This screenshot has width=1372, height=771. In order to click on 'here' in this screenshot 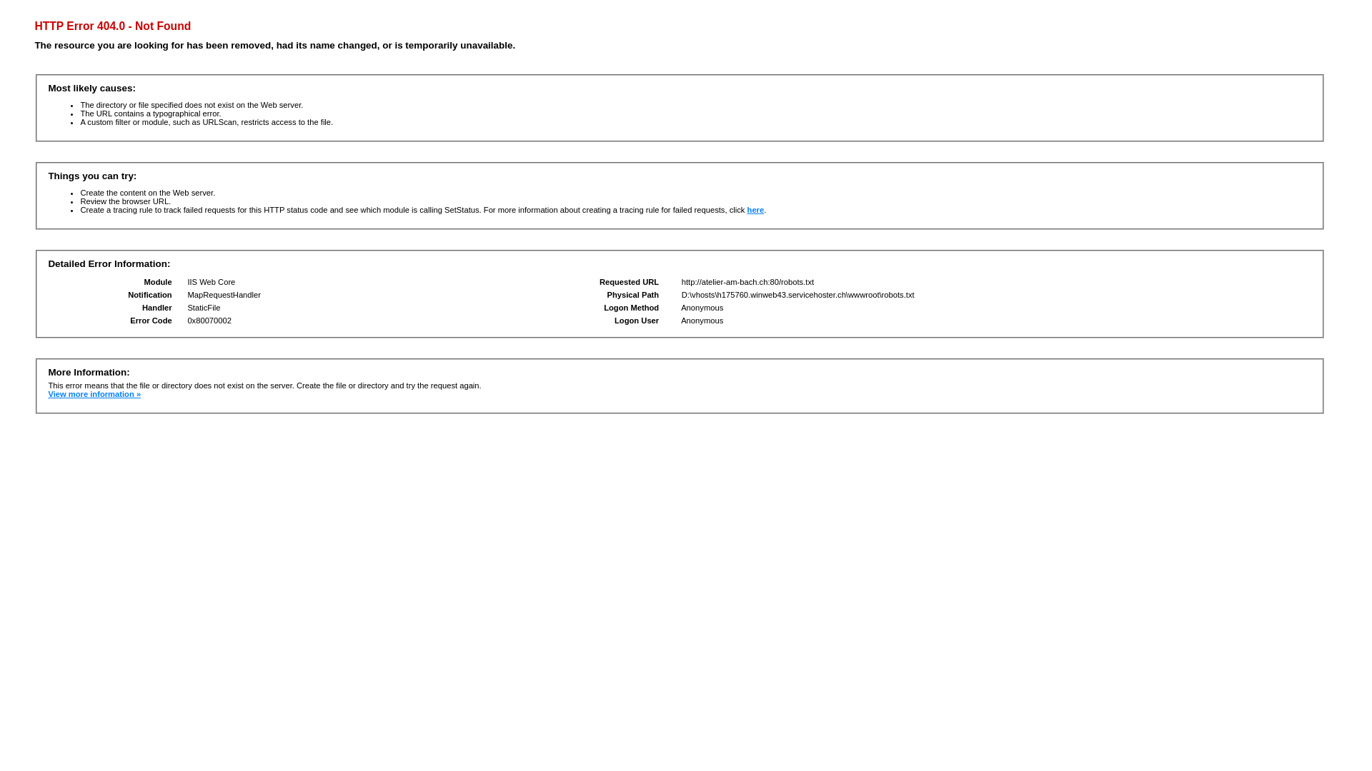, I will do `click(755, 209)`.